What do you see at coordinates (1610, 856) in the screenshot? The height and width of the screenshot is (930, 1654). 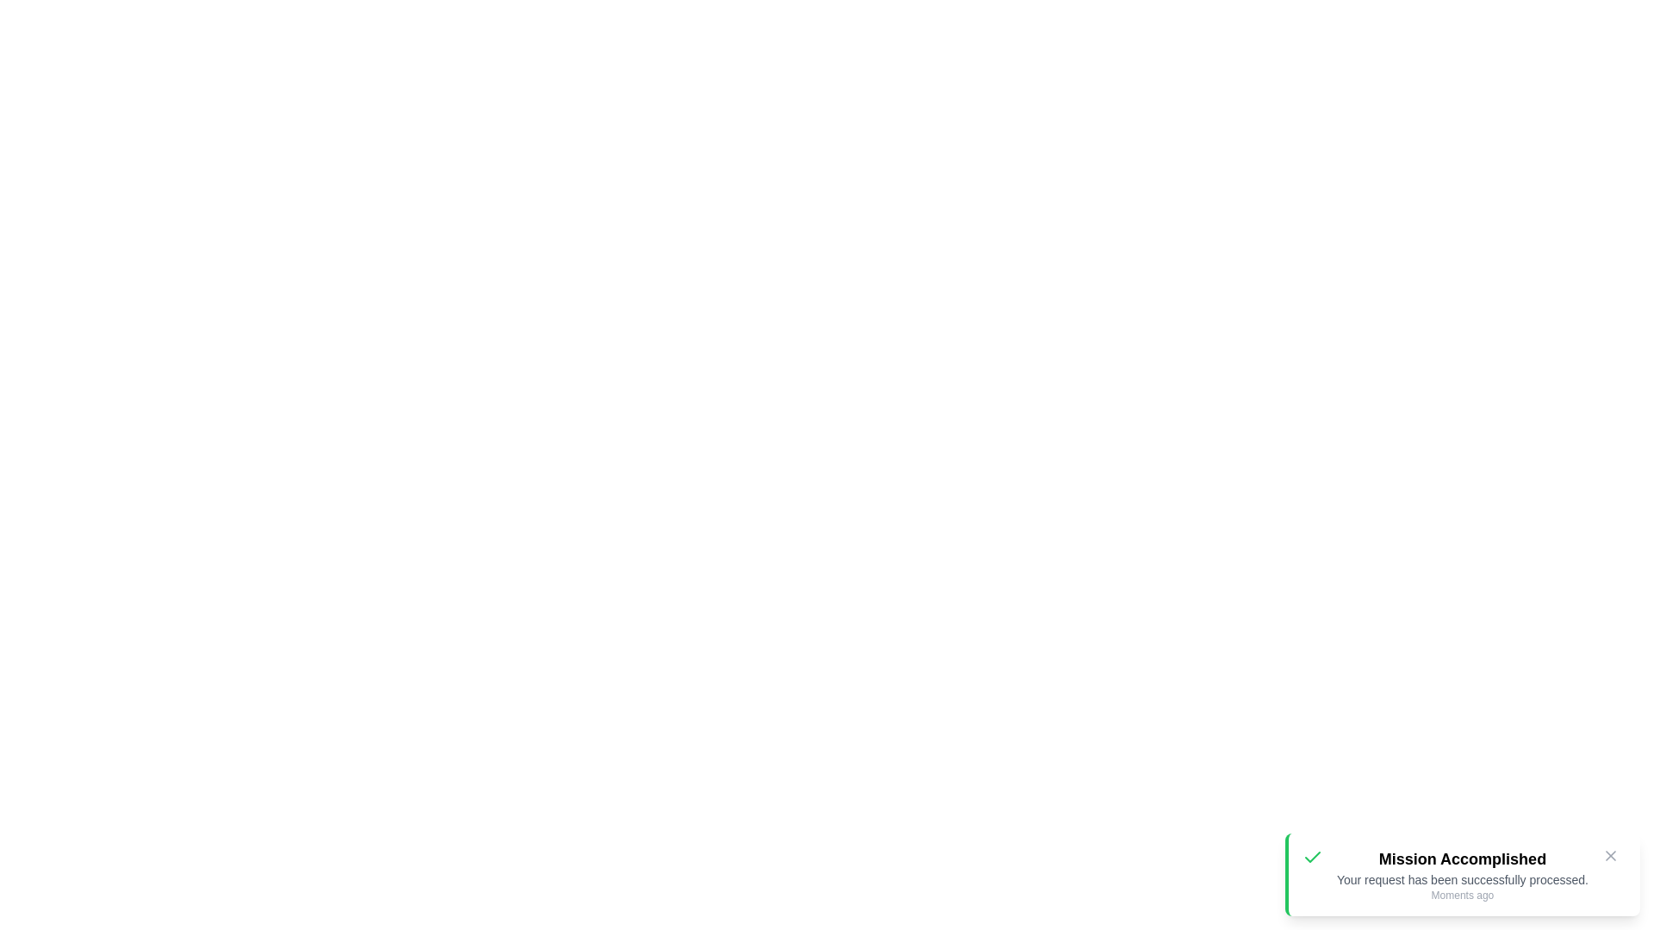 I see `the dismiss button (X icon) to close the notification` at bounding box center [1610, 856].